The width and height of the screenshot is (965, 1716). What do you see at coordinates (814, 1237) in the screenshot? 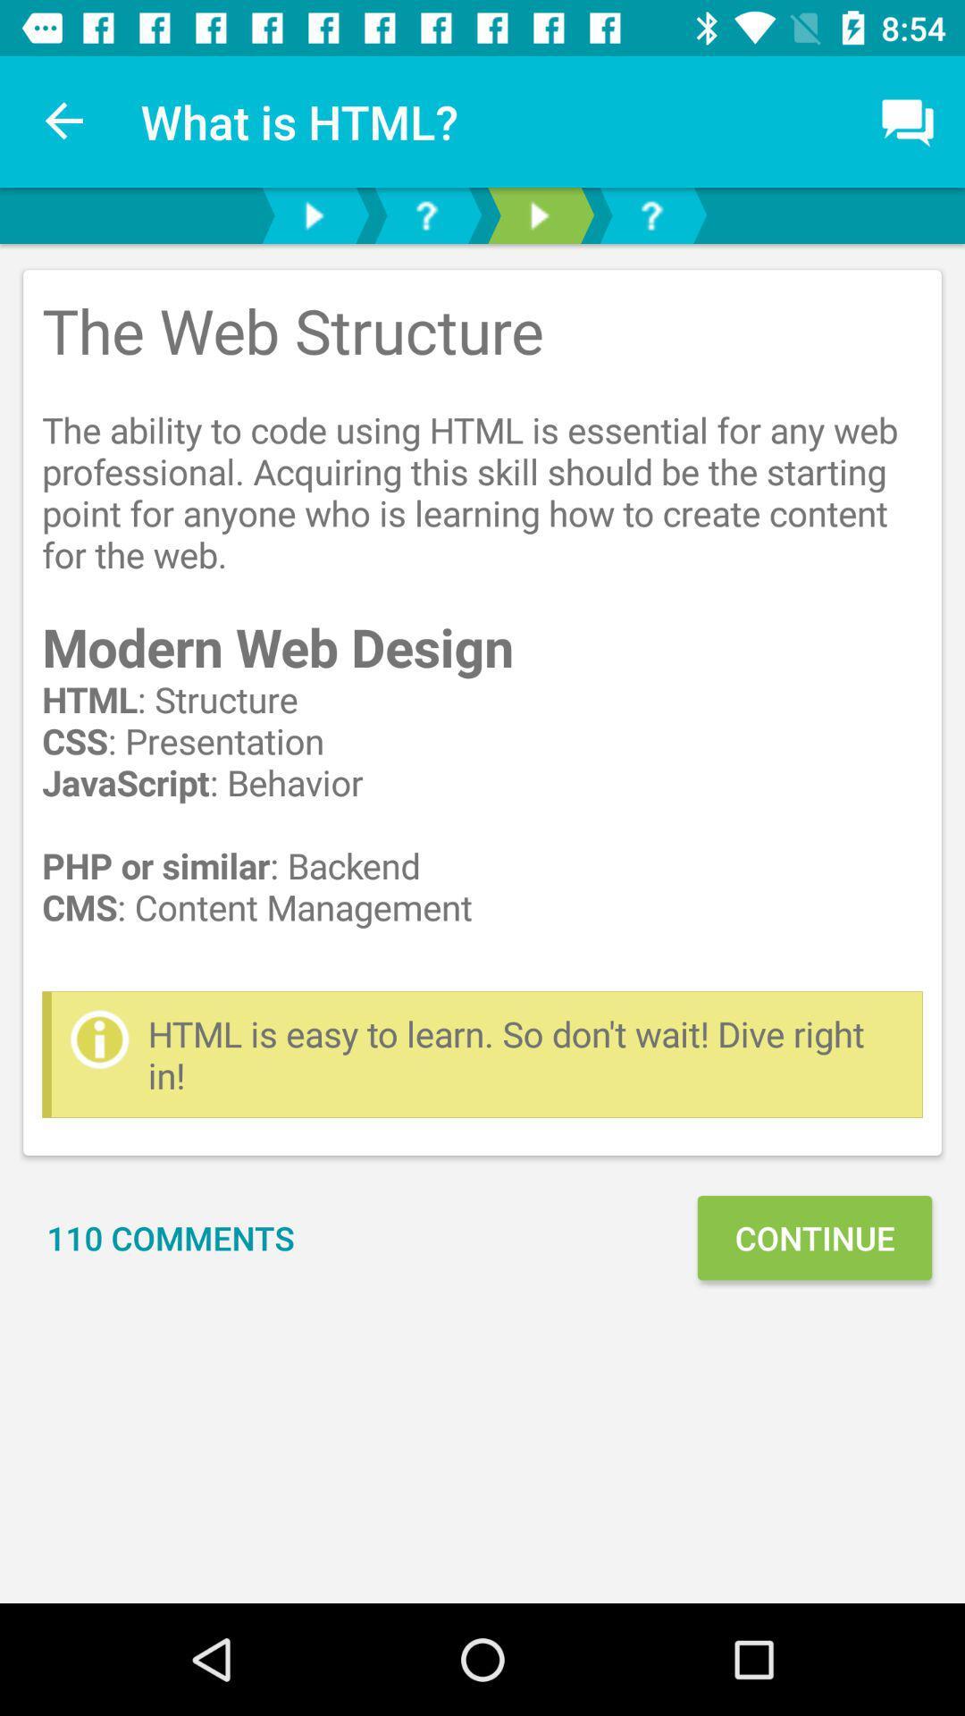
I see `continue` at bounding box center [814, 1237].